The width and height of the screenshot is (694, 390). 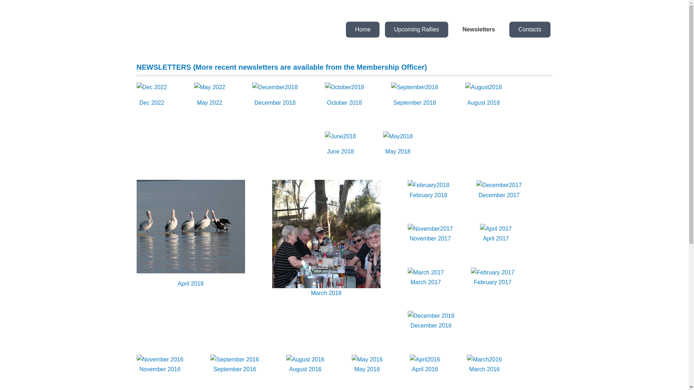 I want to click on 'May 2022', so click(x=209, y=103).